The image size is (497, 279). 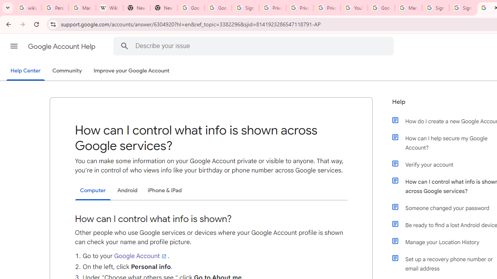 What do you see at coordinates (67, 71) in the screenshot?
I see `'Community'` at bounding box center [67, 71].